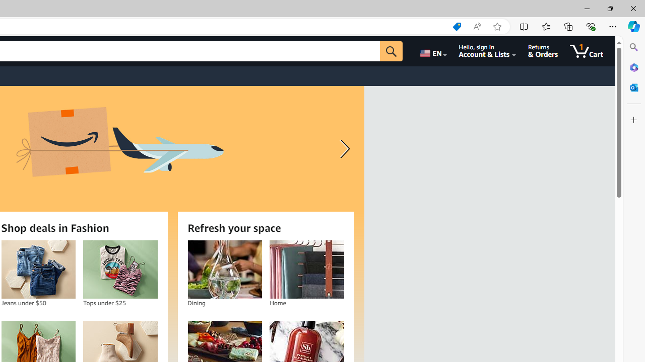 The height and width of the screenshot is (362, 645). Describe the element at coordinates (120, 269) in the screenshot. I see `'Tops under $25'` at that location.